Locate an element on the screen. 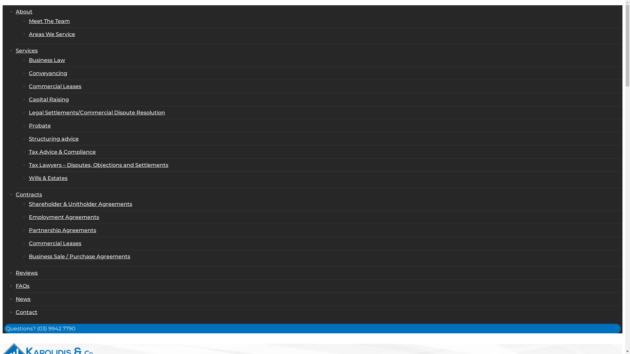 This screenshot has width=630, height=354. 'Shareholder & Unitholder Agreements' is located at coordinates (80, 204).